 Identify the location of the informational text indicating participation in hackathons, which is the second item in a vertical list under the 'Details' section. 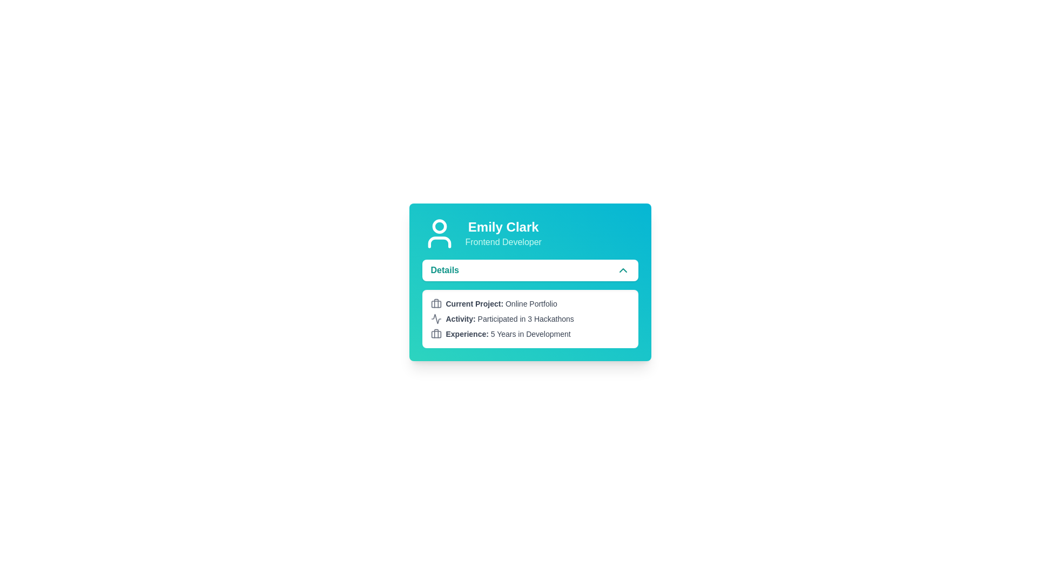
(530, 318).